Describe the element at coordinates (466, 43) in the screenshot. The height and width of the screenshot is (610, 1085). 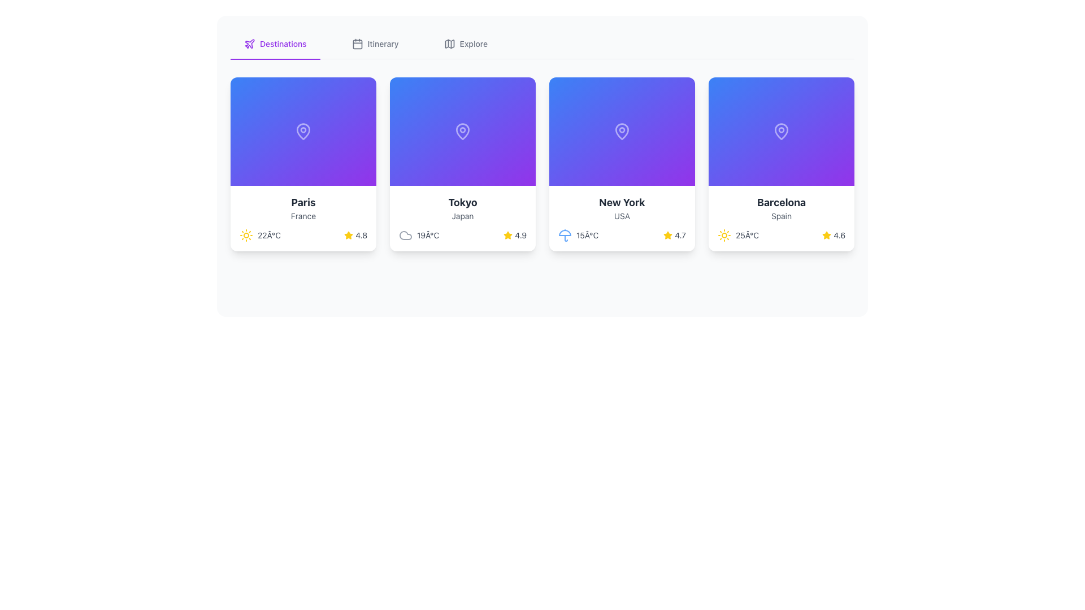
I see `the 'Explore' menu item button, which is the third item in the horizontal menu bar` at that location.